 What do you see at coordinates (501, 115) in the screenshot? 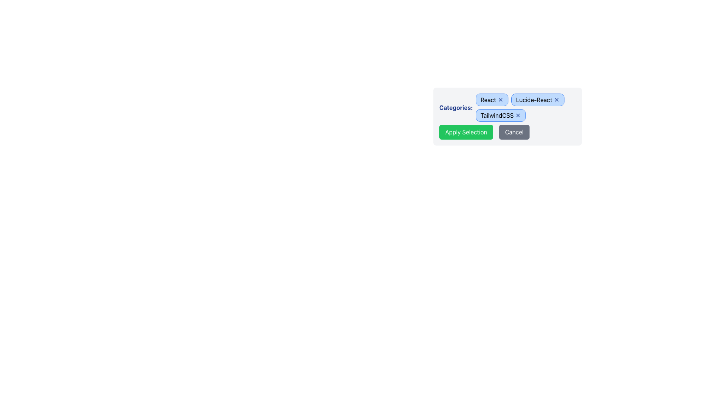
I see `the 'X' icon on the 'TailwindCSS' interactive category pill` at bounding box center [501, 115].